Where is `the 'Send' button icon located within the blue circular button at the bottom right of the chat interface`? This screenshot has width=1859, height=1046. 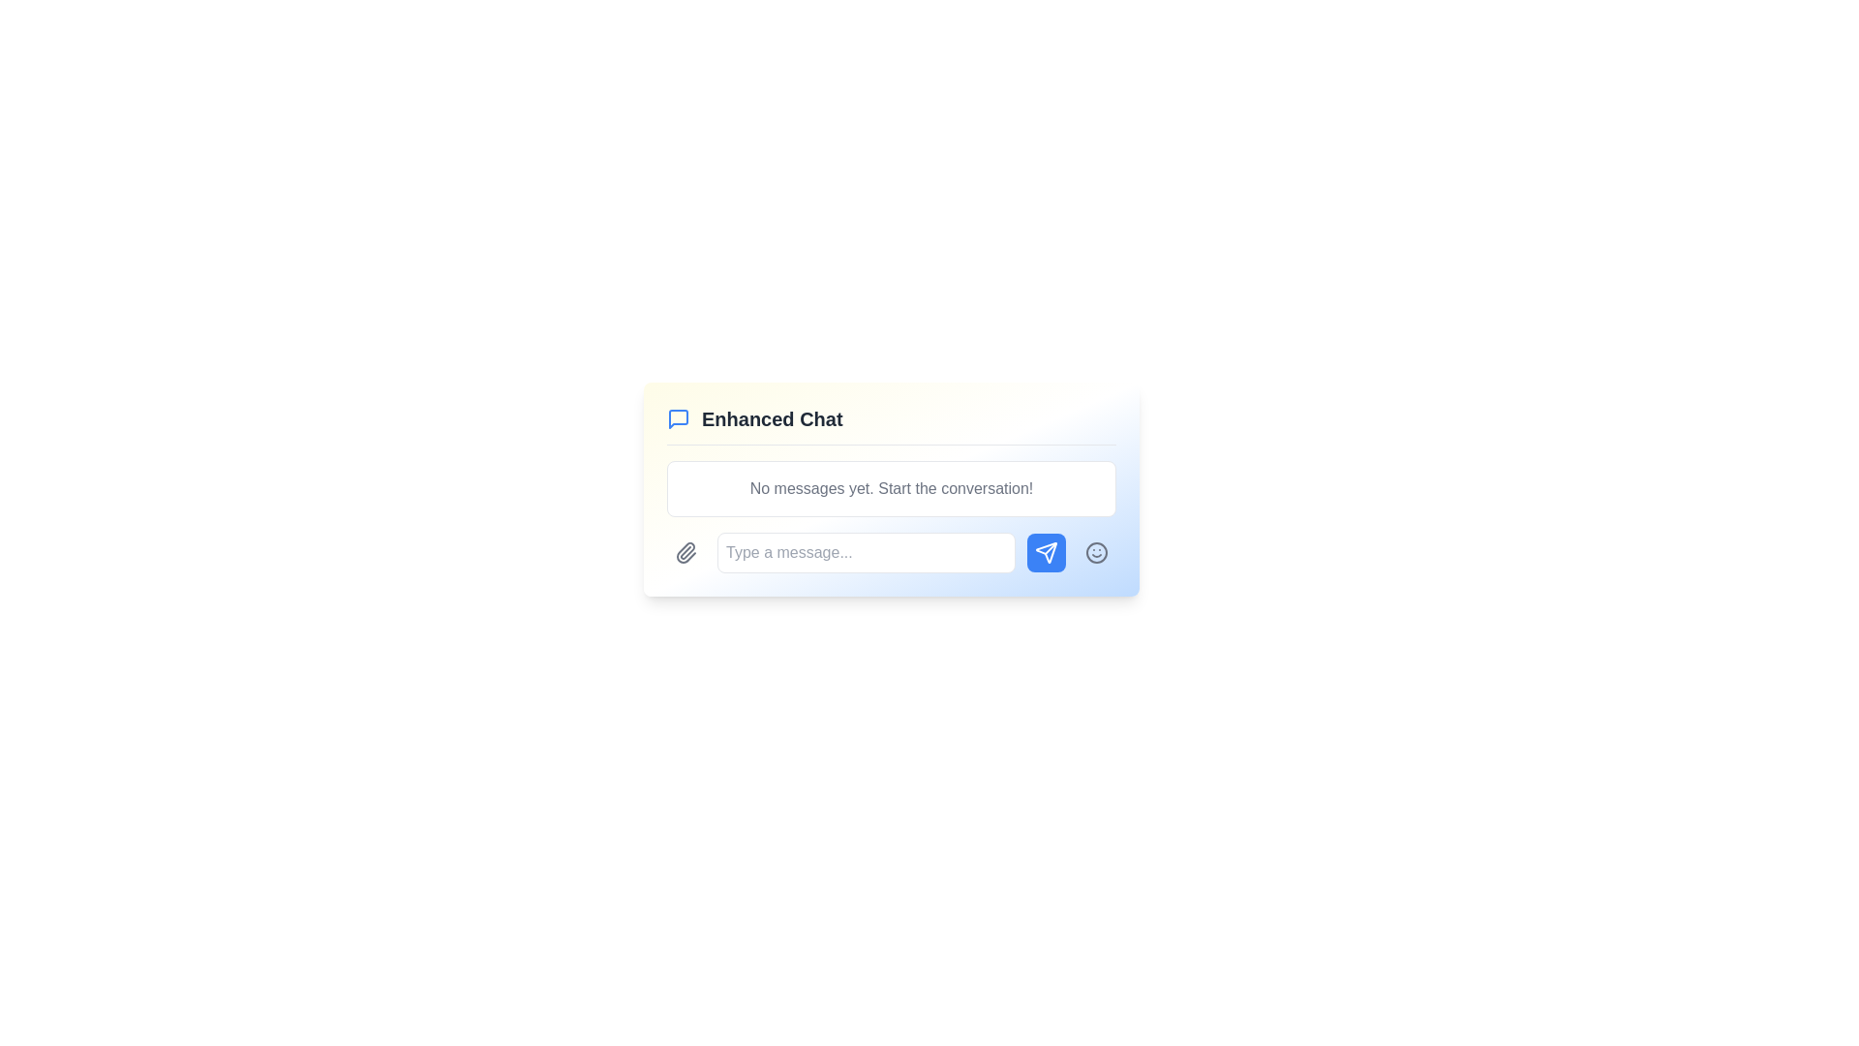 the 'Send' button icon located within the blue circular button at the bottom right of the chat interface is located at coordinates (1045, 552).